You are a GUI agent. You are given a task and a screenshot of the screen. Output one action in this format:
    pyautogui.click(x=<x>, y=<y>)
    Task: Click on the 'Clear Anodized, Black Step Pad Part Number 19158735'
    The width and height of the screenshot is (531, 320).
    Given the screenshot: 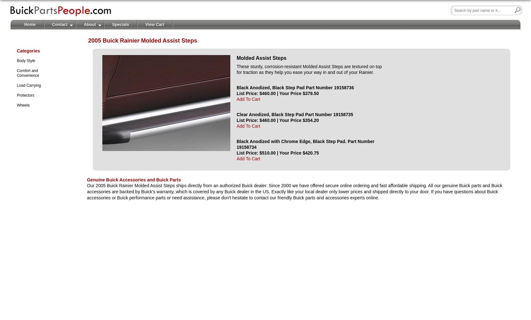 What is the action you would take?
    pyautogui.click(x=294, y=114)
    